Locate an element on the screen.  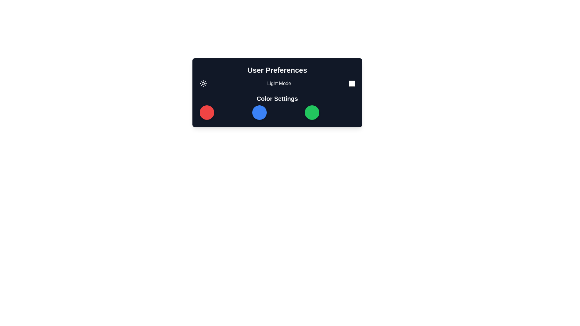
the checkbox for toggling the light mode setting is located at coordinates (352, 84).